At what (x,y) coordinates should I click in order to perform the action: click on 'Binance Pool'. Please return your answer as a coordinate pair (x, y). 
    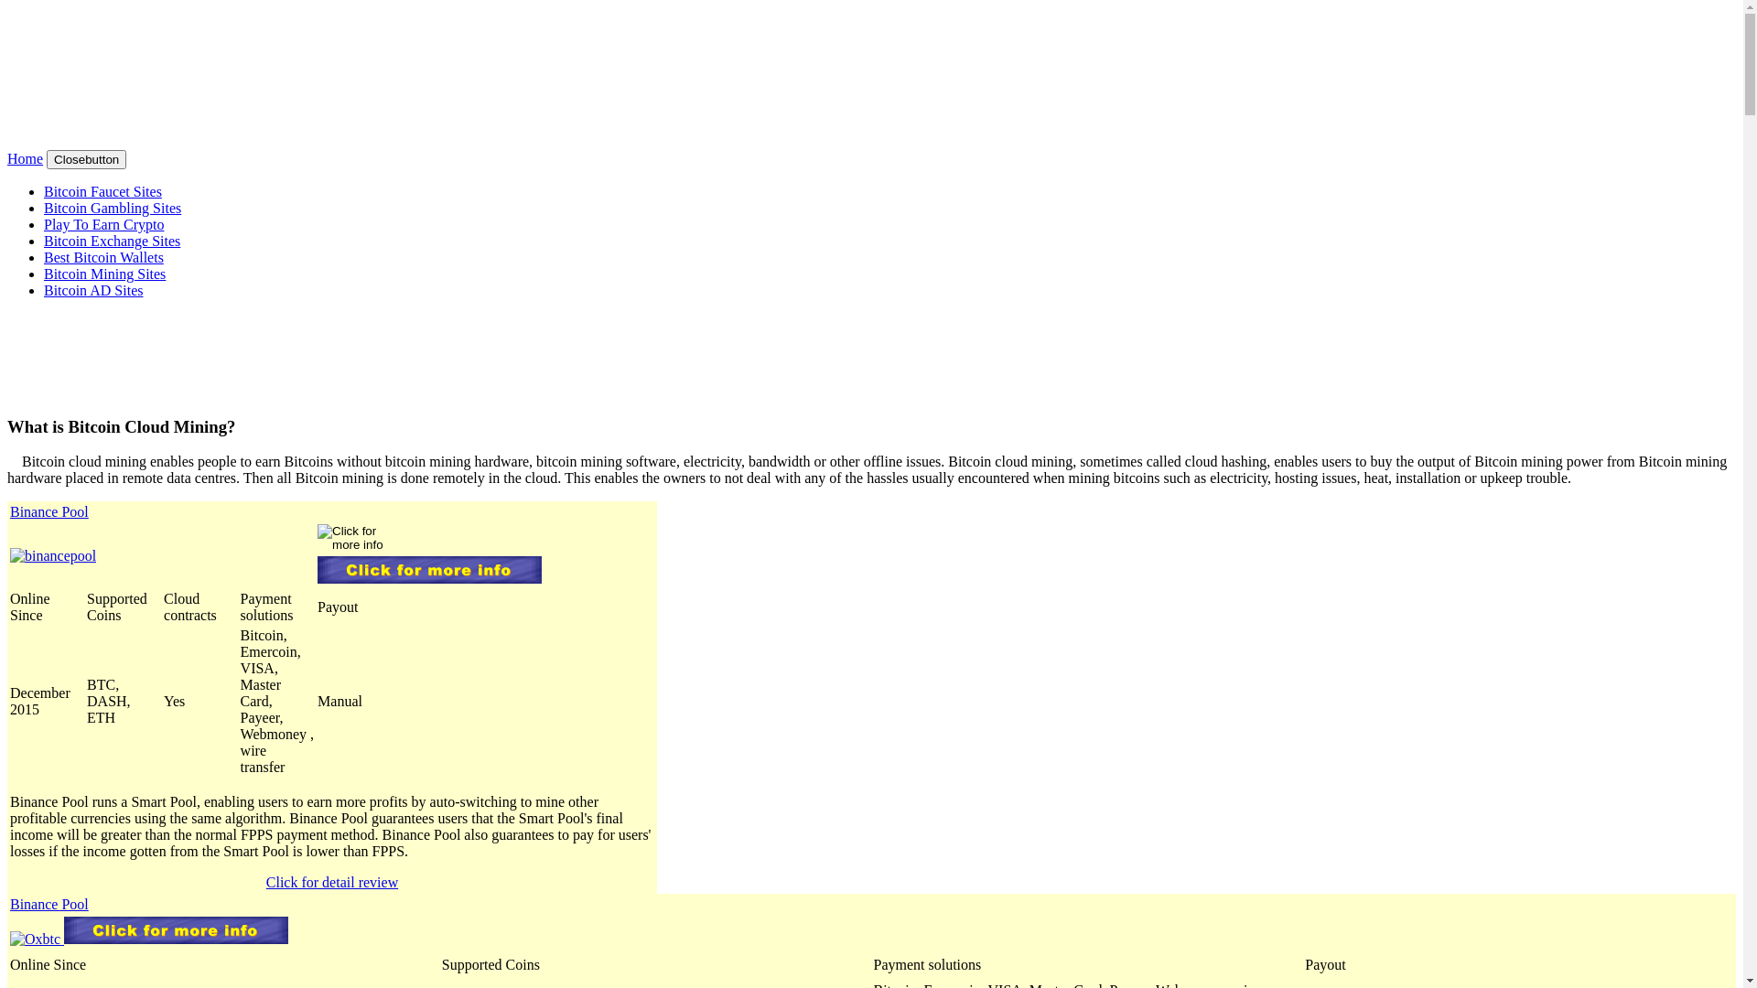
    Looking at the image, I should click on (9, 903).